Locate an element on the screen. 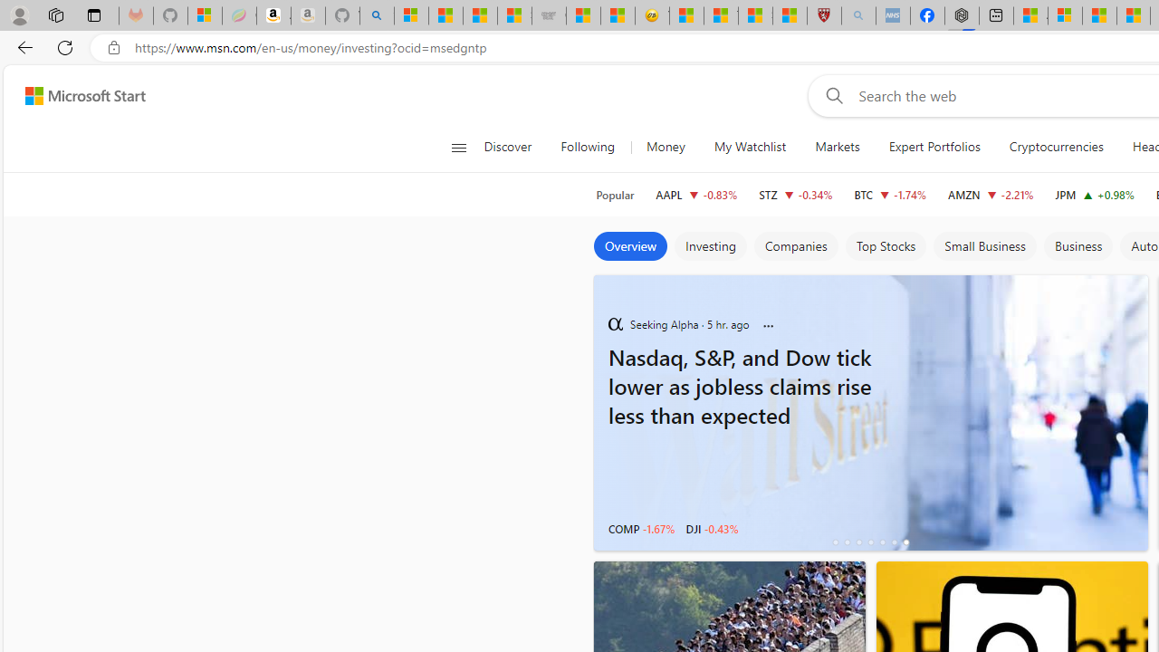 This screenshot has height=652, width=1159. 'list of asthma inhalers uk - Search - Sleeping' is located at coordinates (857, 15).